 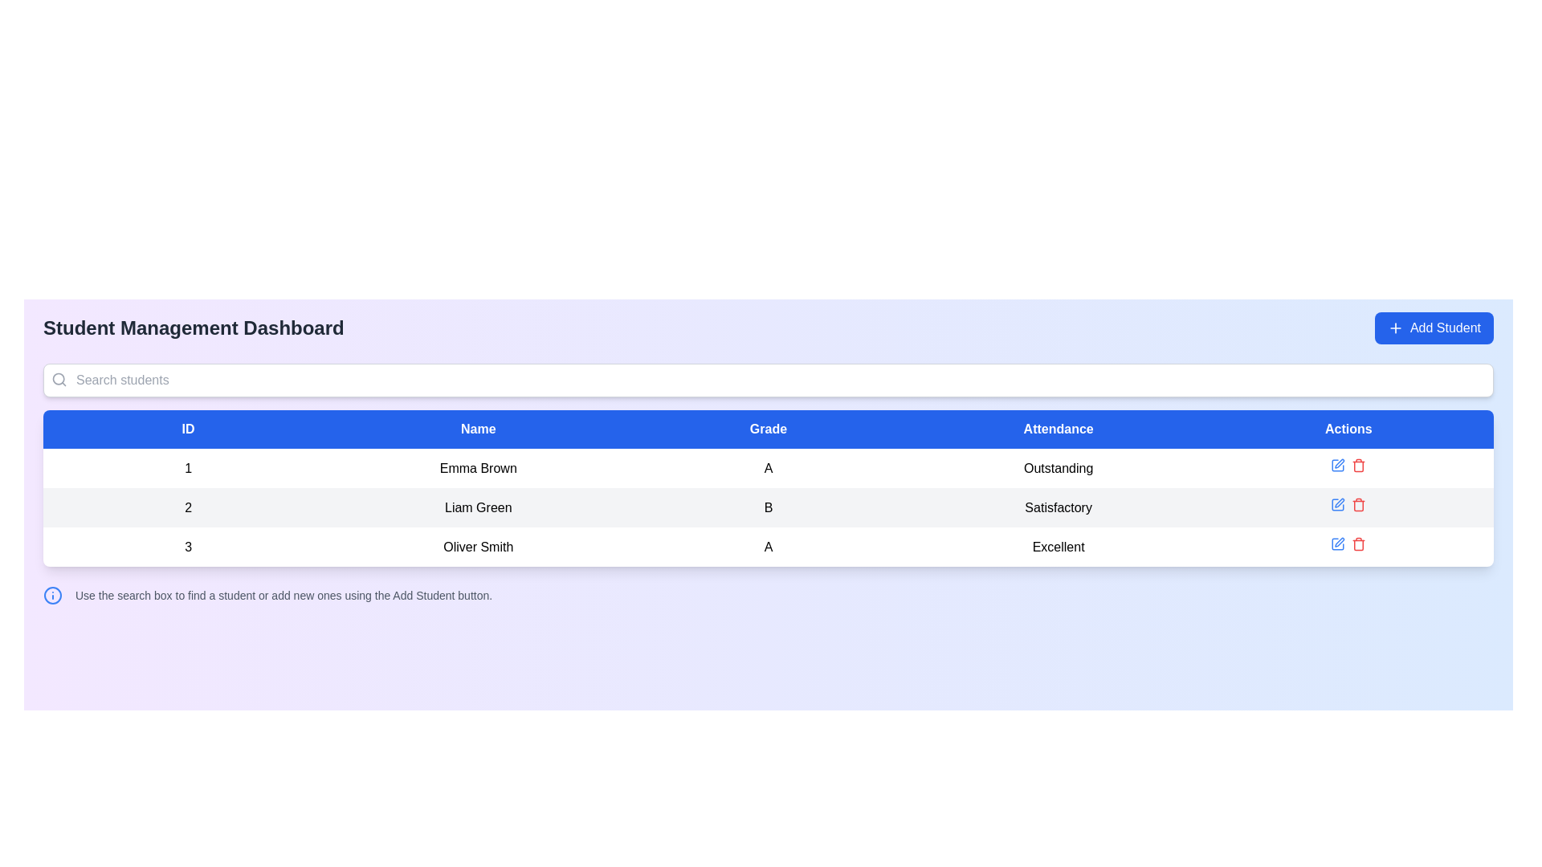 I want to click on the grade 'A' text label for student 'Emma Brown' located in the third column of the row labeled '1' under the 'Grade' column, so click(x=767, y=468).